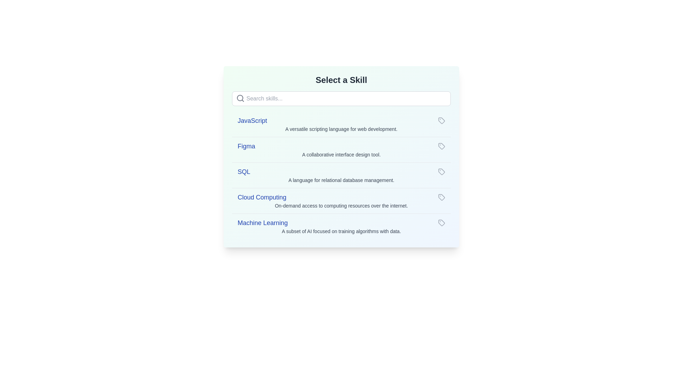 This screenshot has height=378, width=673. What do you see at coordinates (441, 223) in the screenshot?
I see `the icon located to the right of the 'Machine Learning' text` at bounding box center [441, 223].